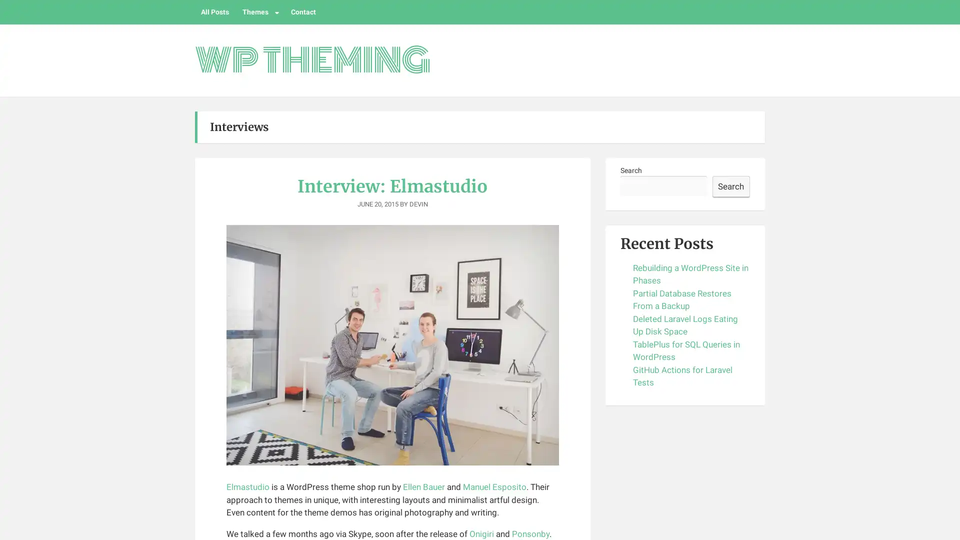  Describe the element at coordinates (731, 186) in the screenshot. I see `Search` at that location.